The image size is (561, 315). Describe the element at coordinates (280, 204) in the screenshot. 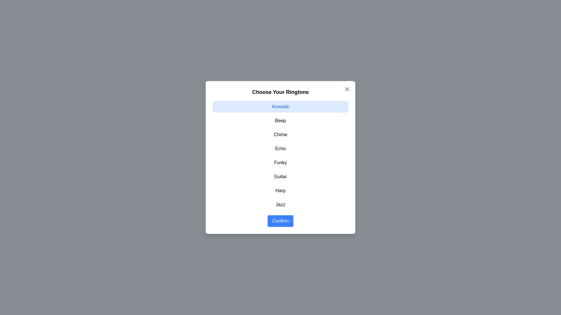

I see `the ringtone Jazz from the list` at that location.